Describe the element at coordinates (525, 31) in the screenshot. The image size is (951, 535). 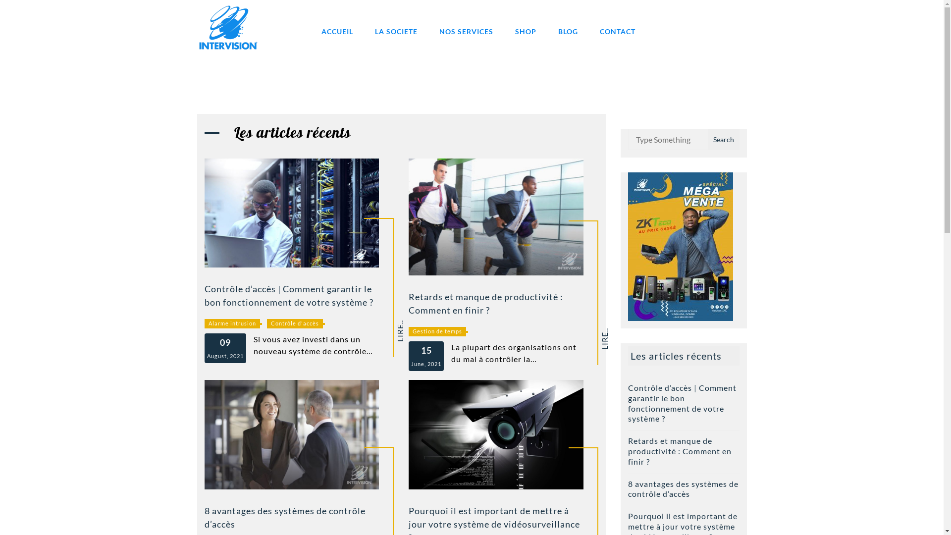
I see `'SHOP'` at that location.